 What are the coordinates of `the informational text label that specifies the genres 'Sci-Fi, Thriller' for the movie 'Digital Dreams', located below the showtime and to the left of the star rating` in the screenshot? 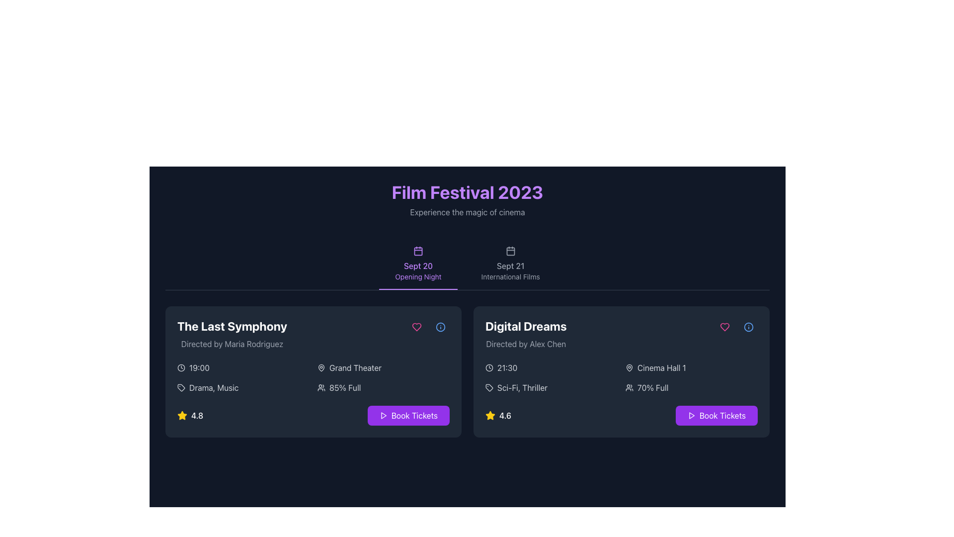 It's located at (522, 387).